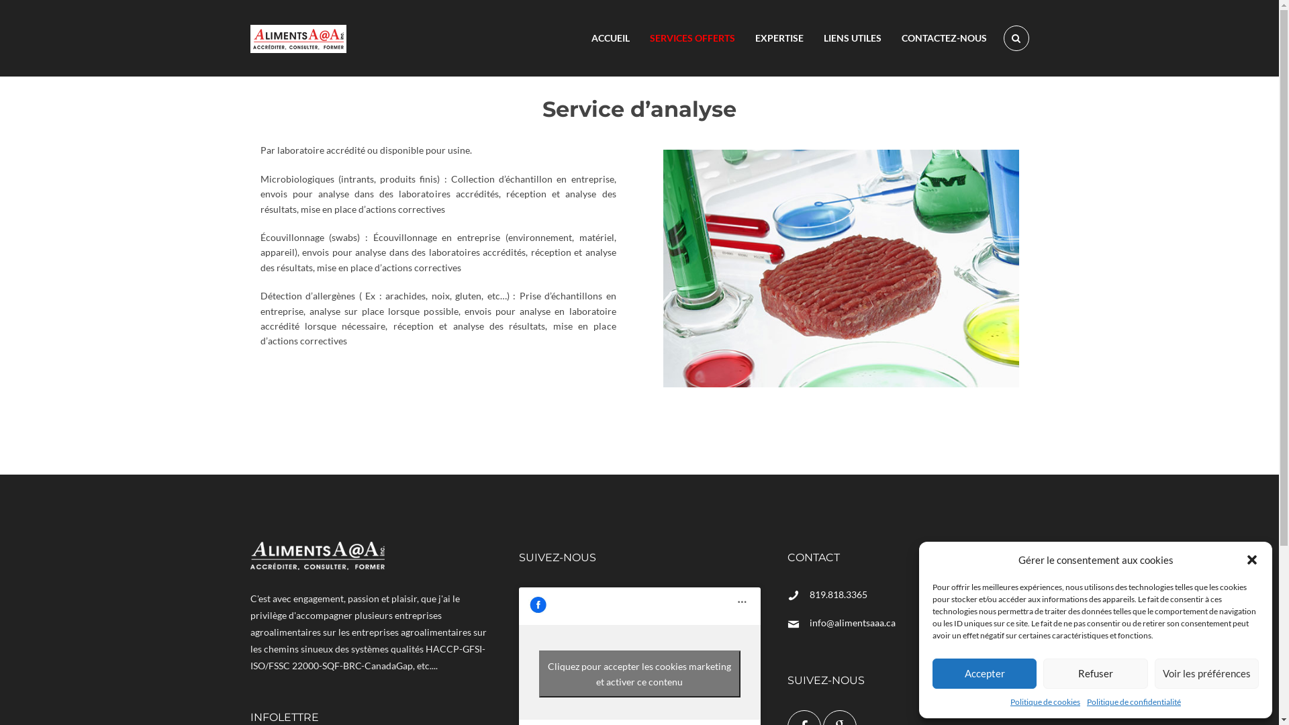 The height and width of the screenshot is (725, 1289). Describe the element at coordinates (610, 38) in the screenshot. I see `'ACCUEIL'` at that location.